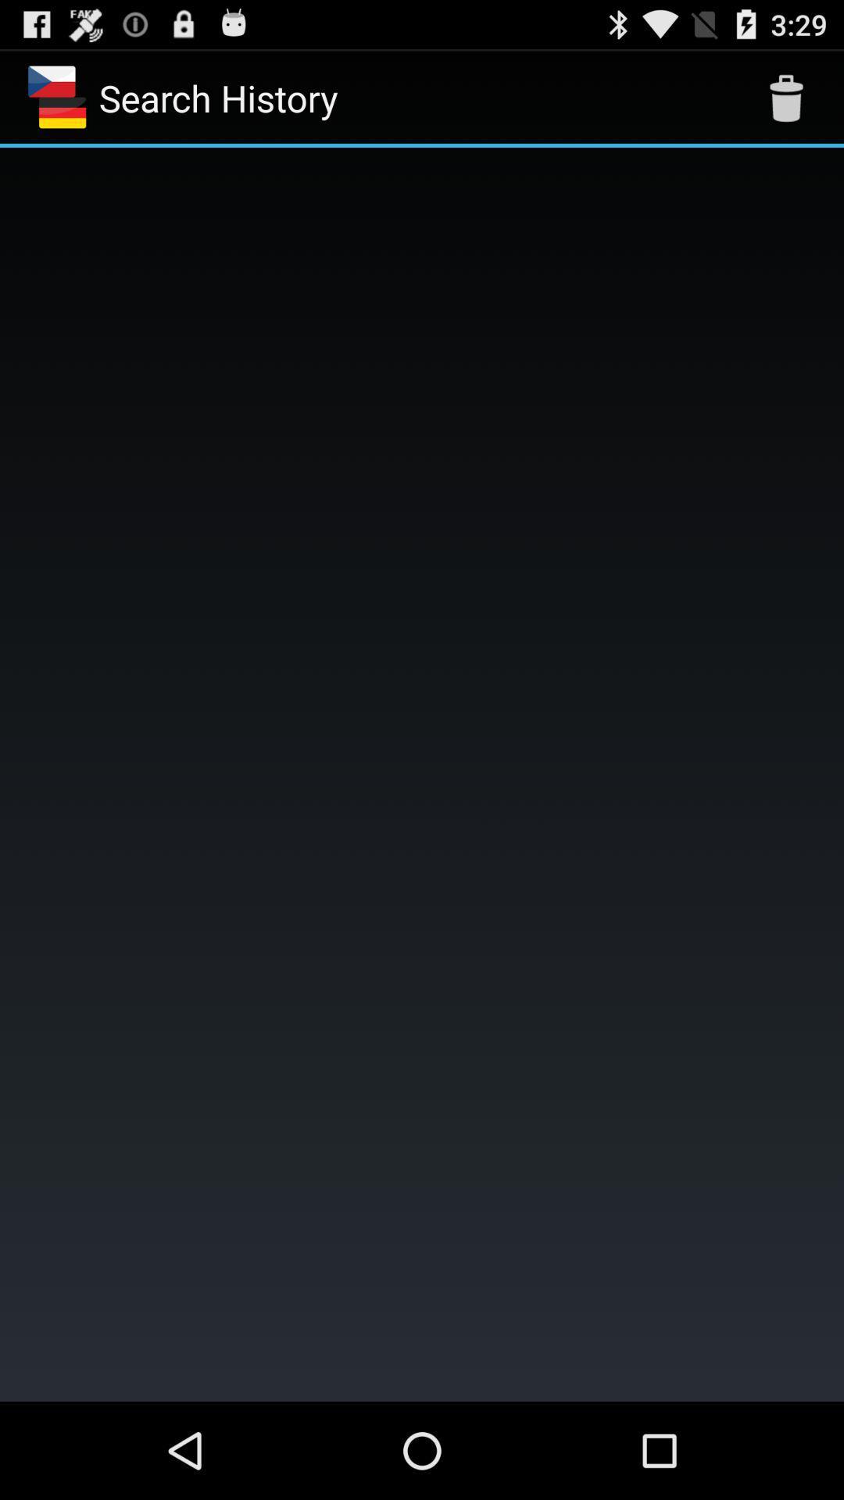 This screenshot has width=844, height=1500. Describe the element at coordinates (786, 97) in the screenshot. I see `the item at the top right corner` at that location.